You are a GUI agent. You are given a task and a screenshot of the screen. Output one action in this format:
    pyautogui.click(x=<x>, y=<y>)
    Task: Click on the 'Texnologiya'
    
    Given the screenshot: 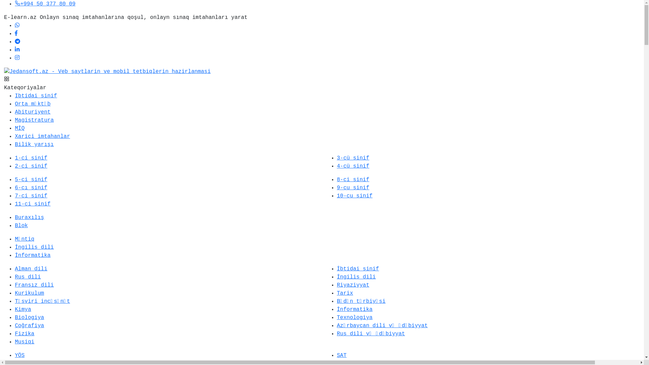 What is the action you would take?
    pyautogui.click(x=354, y=318)
    